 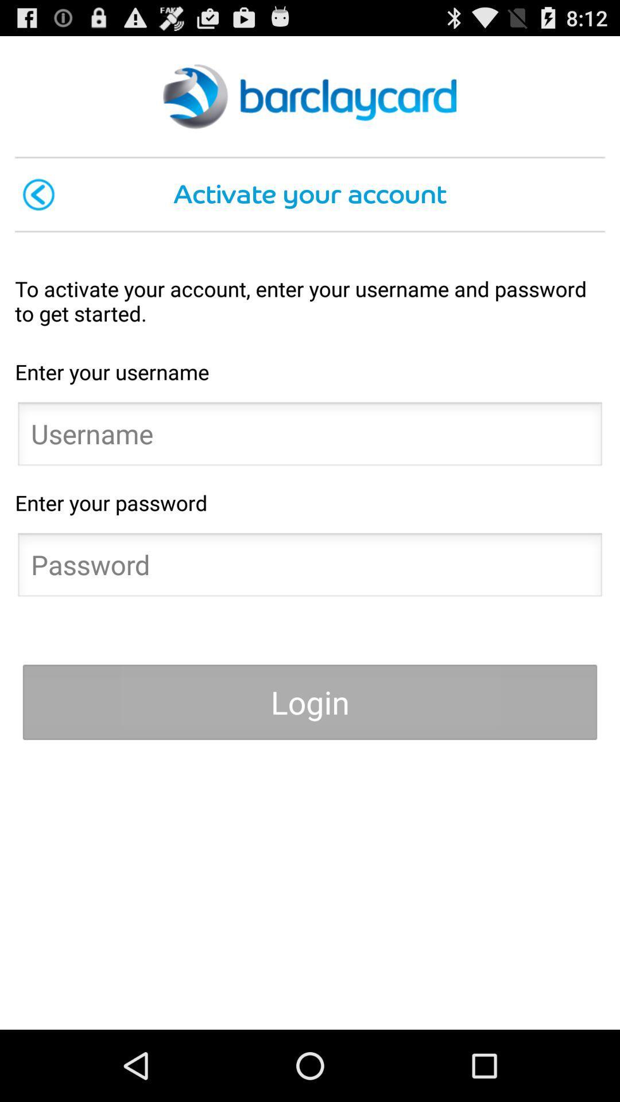 What do you see at coordinates (38, 208) in the screenshot?
I see `the arrow_backward icon` at bounding box center [38, 208].